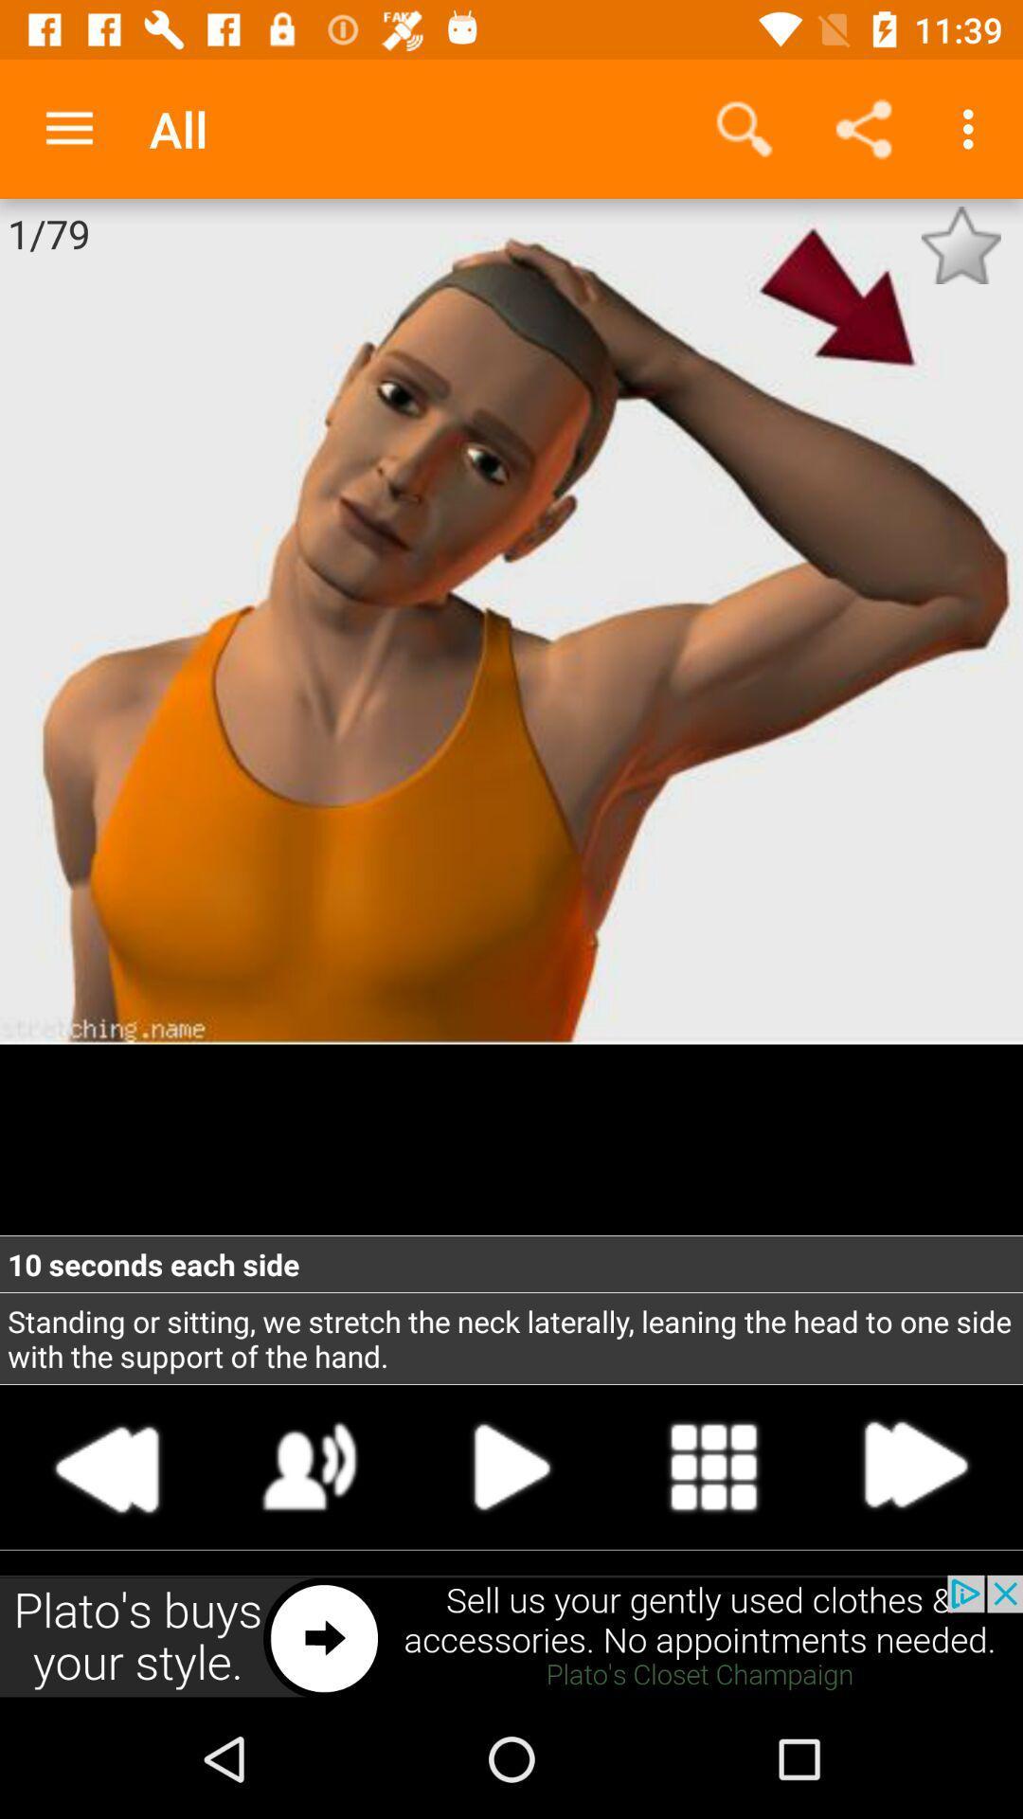 This screenshot has height=1819, width=1023. Describe the element at coordinates (108, 1466) in the screenshot. I see `go back` at that location.